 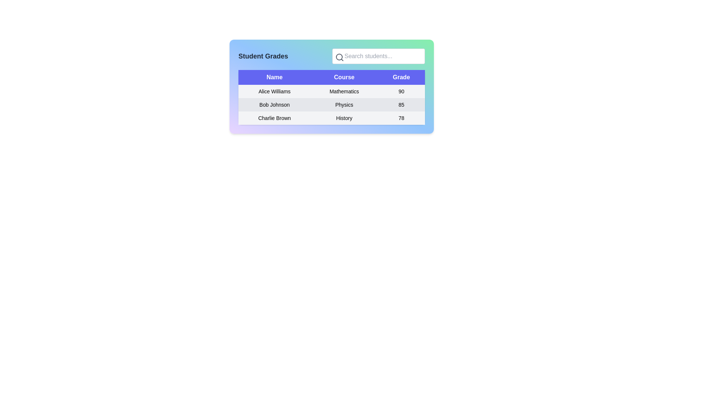 What do you see at coordinates (331, 104) in the screenshot?
I see `the table row displaying 'Bob Johnson Physics 85', which is the second row in the table between 'Alice Williams Mathematics 90' and 'Charlie Brown History 78'` at bounding box center [331, 104].